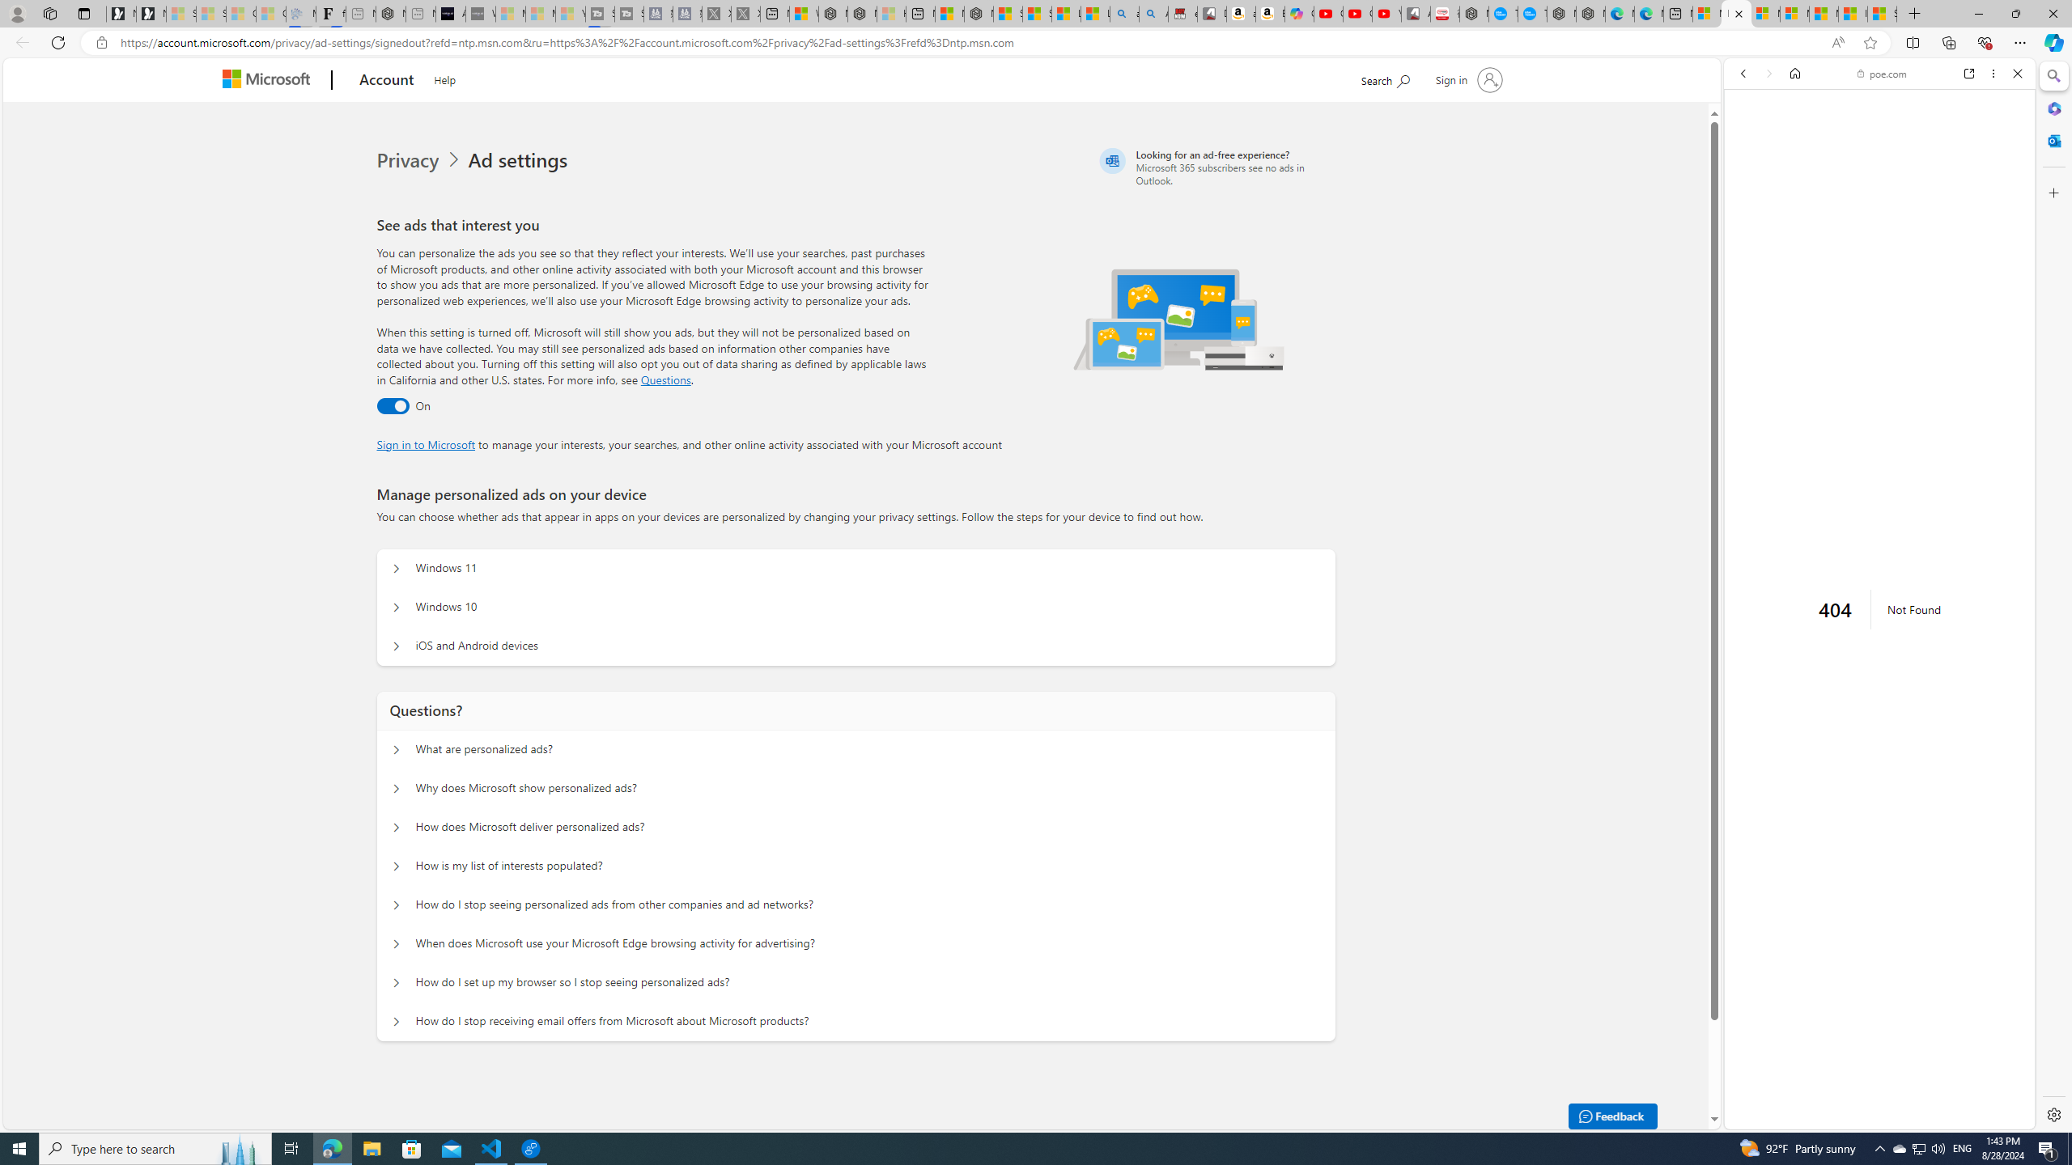 This screenshot has width=2072, height=1165. Describe the element at coordinates (1358, 13) in the screenshot. I see `'Gloom - YouTube'` at that location.